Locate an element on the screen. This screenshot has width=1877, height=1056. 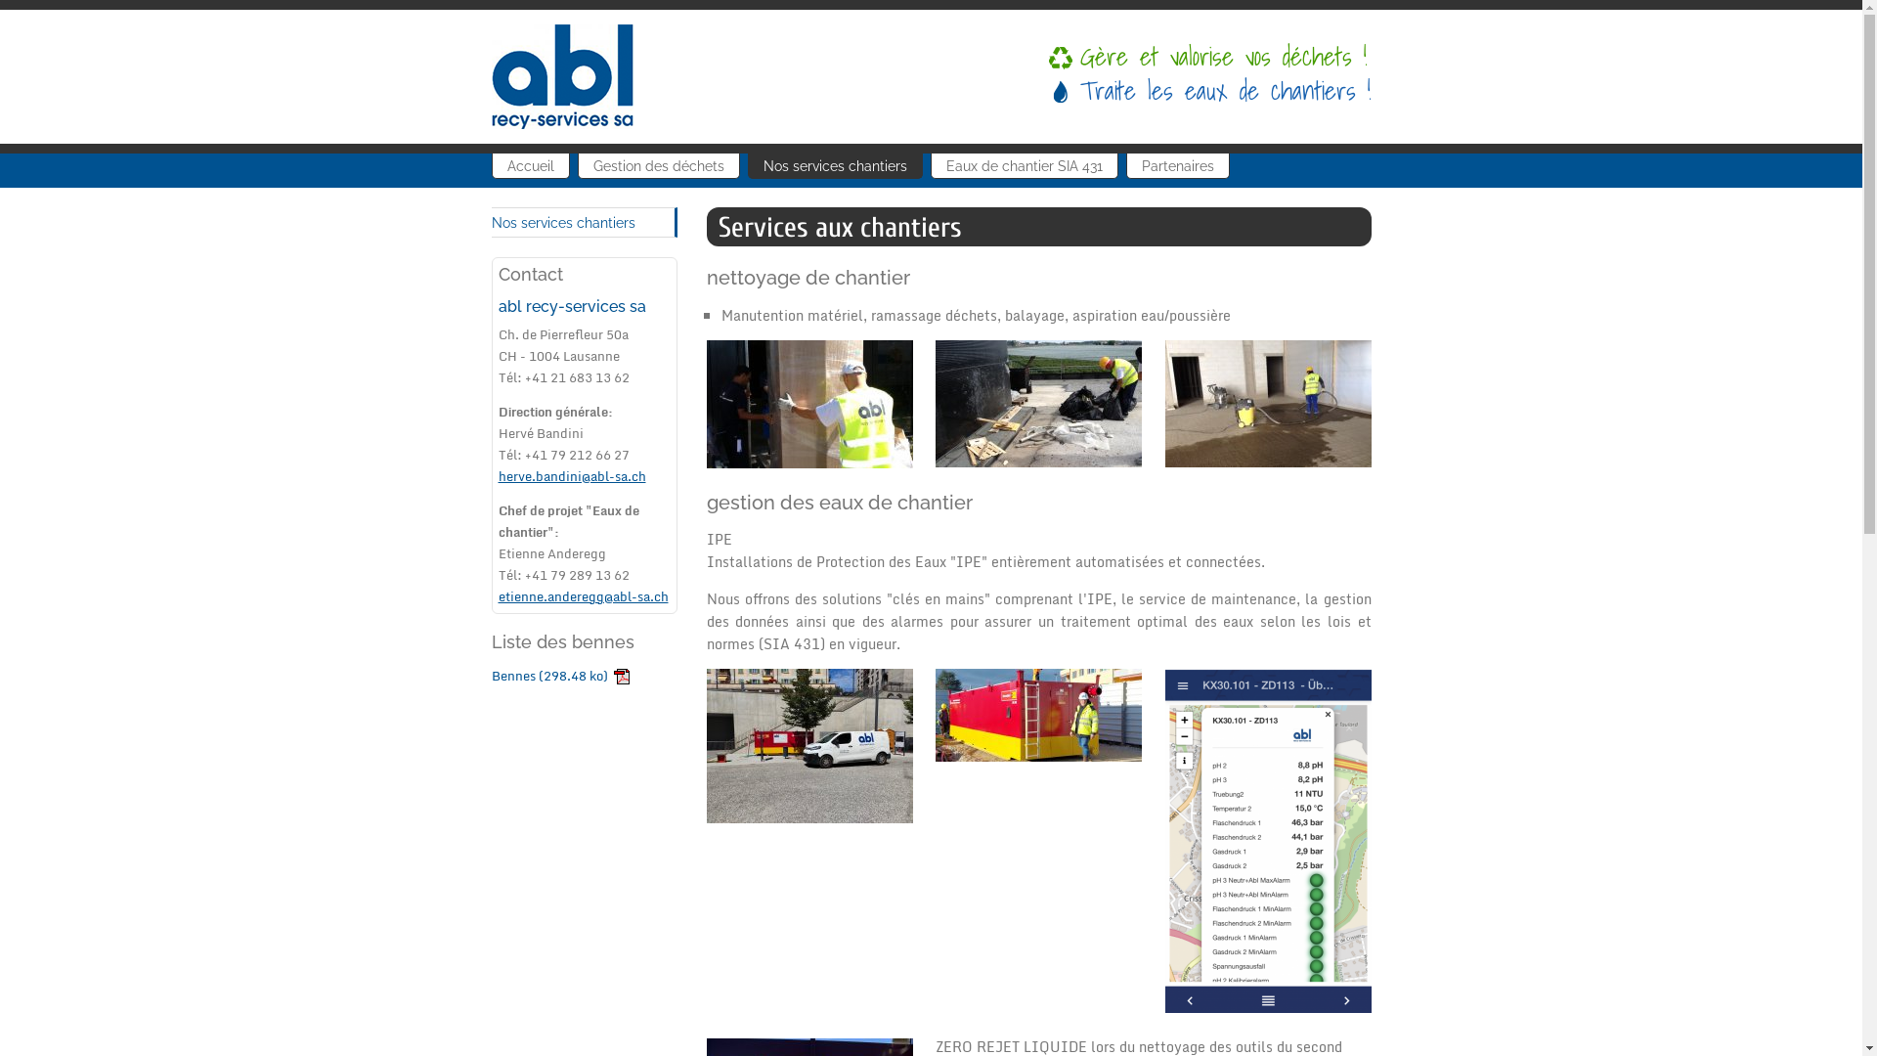
'Accueil' is located at coordinates (530, 164).